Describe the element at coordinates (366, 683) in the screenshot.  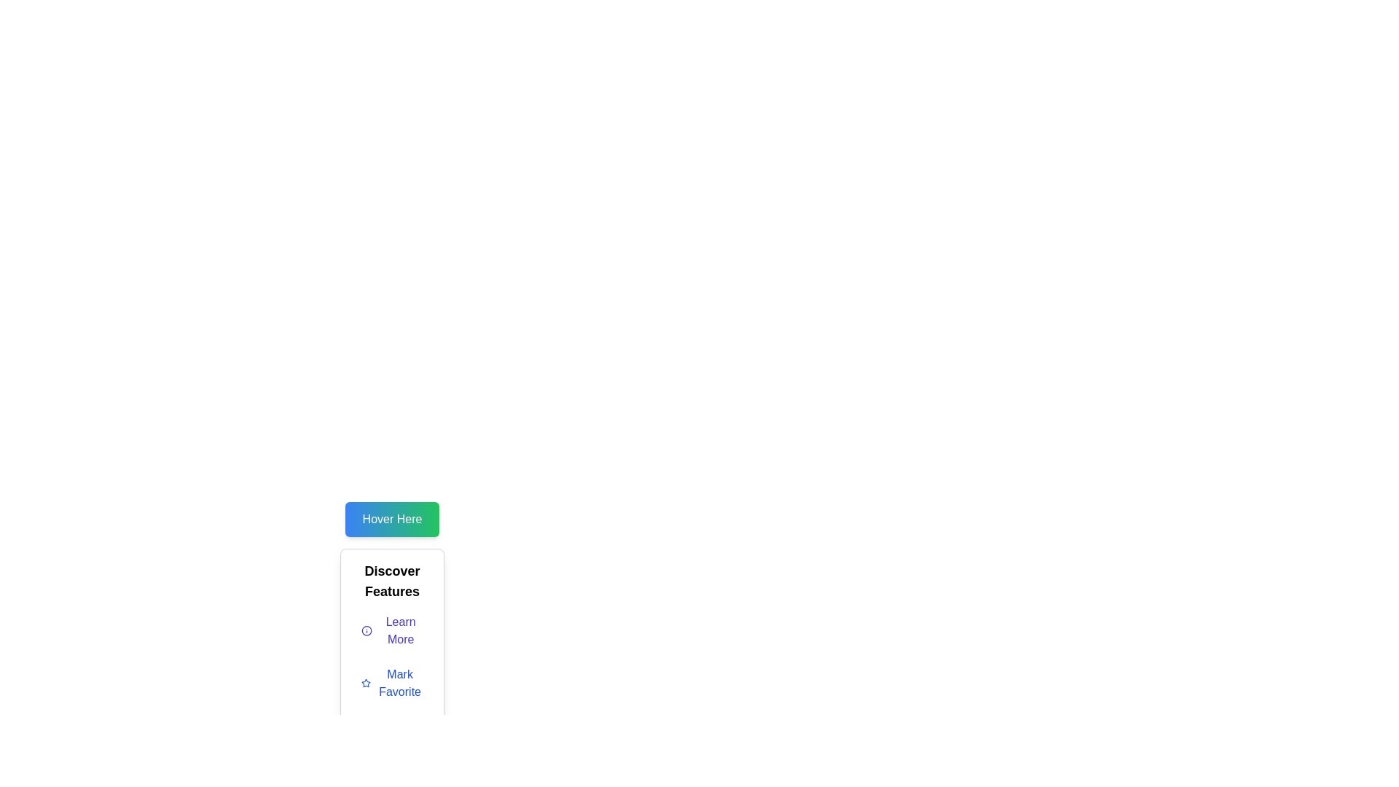
I see `the 'Mark Favorite' icon located to the left of the text within the 'Mark Favorite' button, under the 'Discover Features' section` at that location.